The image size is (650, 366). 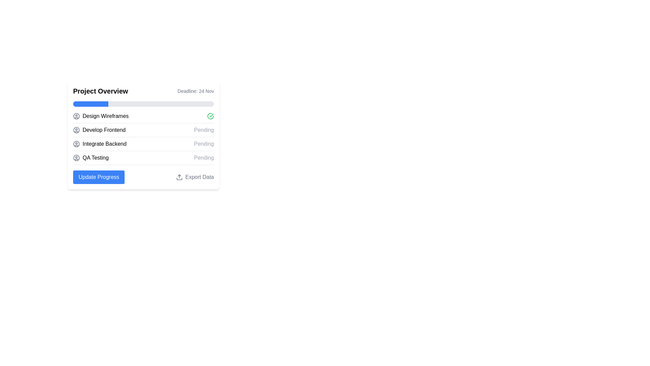 What do you see at coordinates (76, 130) in the screenshot?
I see `the icon that represents the 'Develop Frontend' task, located in the third row of icons on the leftmost side of the 'Project Overview' card` at bounding box center [76, 130].